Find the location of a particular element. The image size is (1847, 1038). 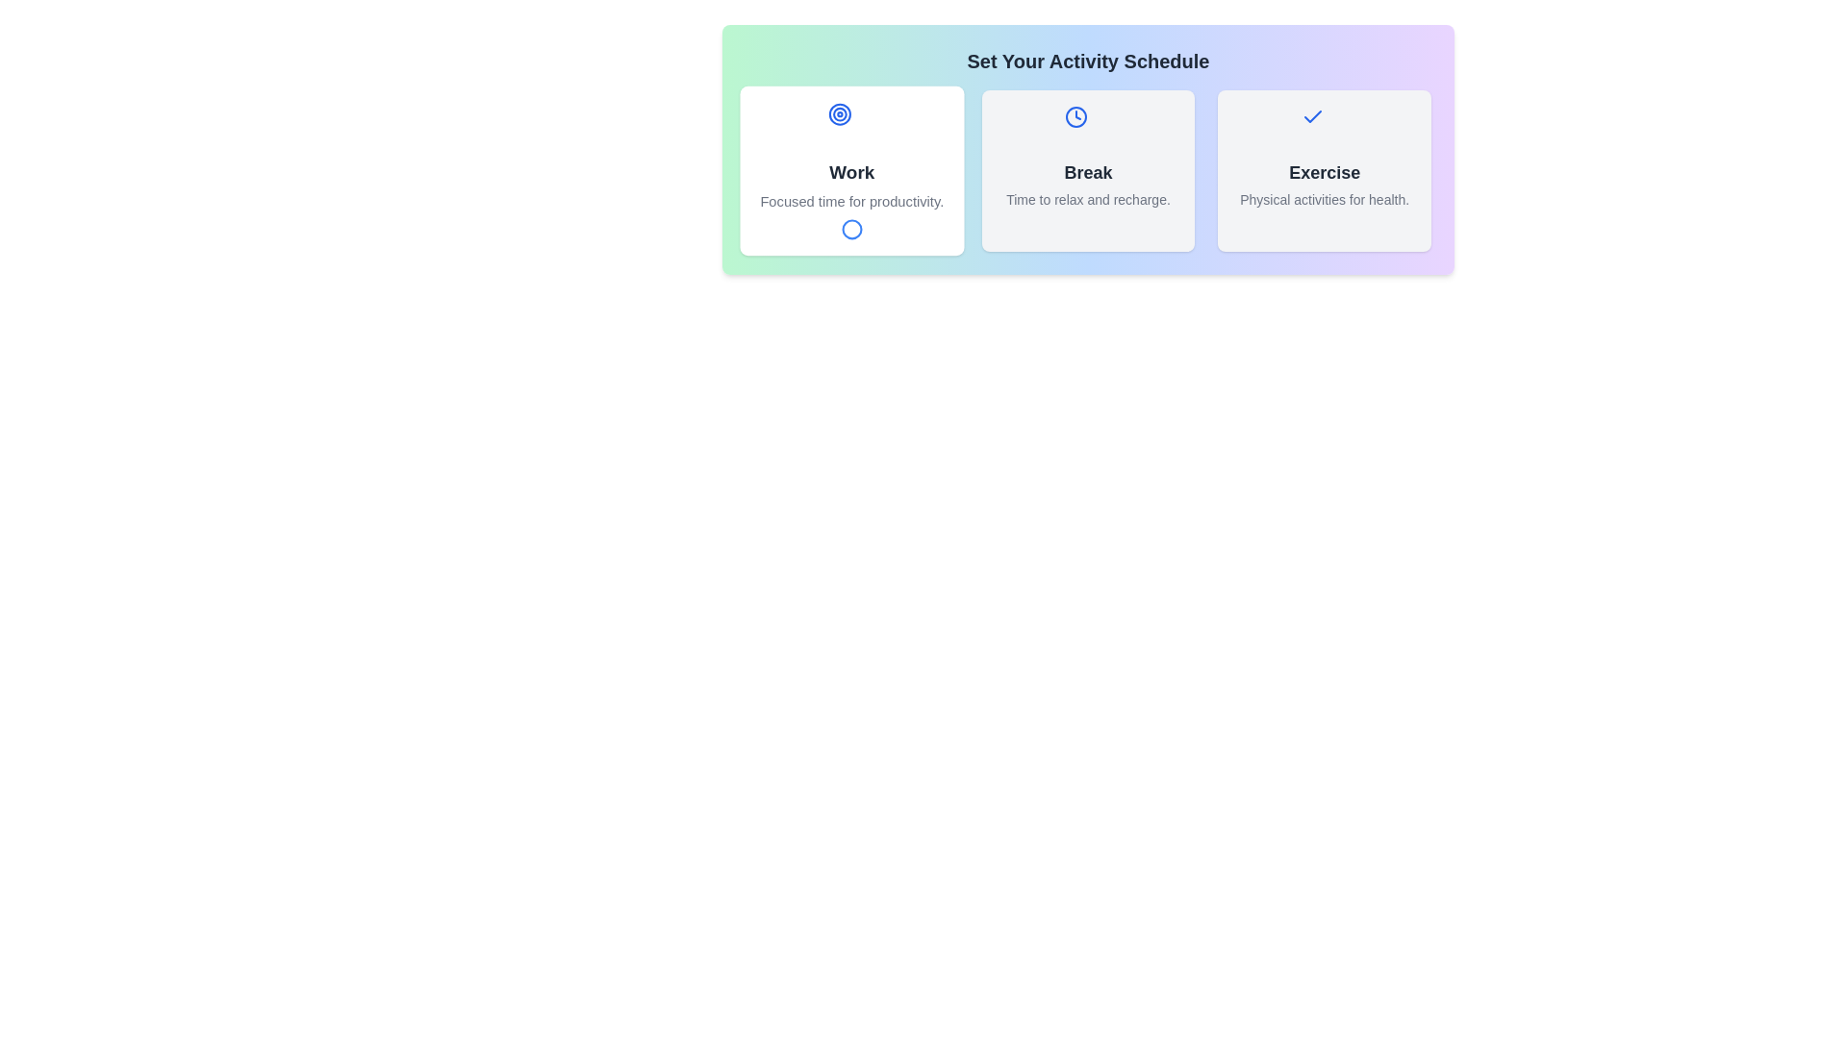

the interactive card labeled 'Break' is located at coordinates (1088, 169).